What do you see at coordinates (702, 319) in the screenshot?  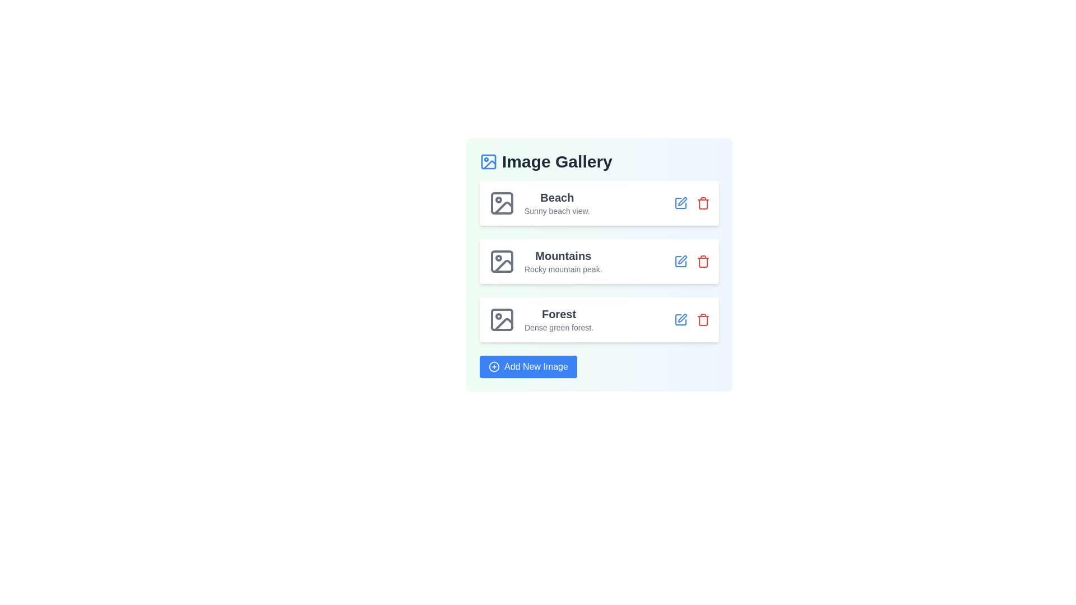 I see `delete button for the image with title Forest to remove it from the gallery` at bounding box center [702, 319].